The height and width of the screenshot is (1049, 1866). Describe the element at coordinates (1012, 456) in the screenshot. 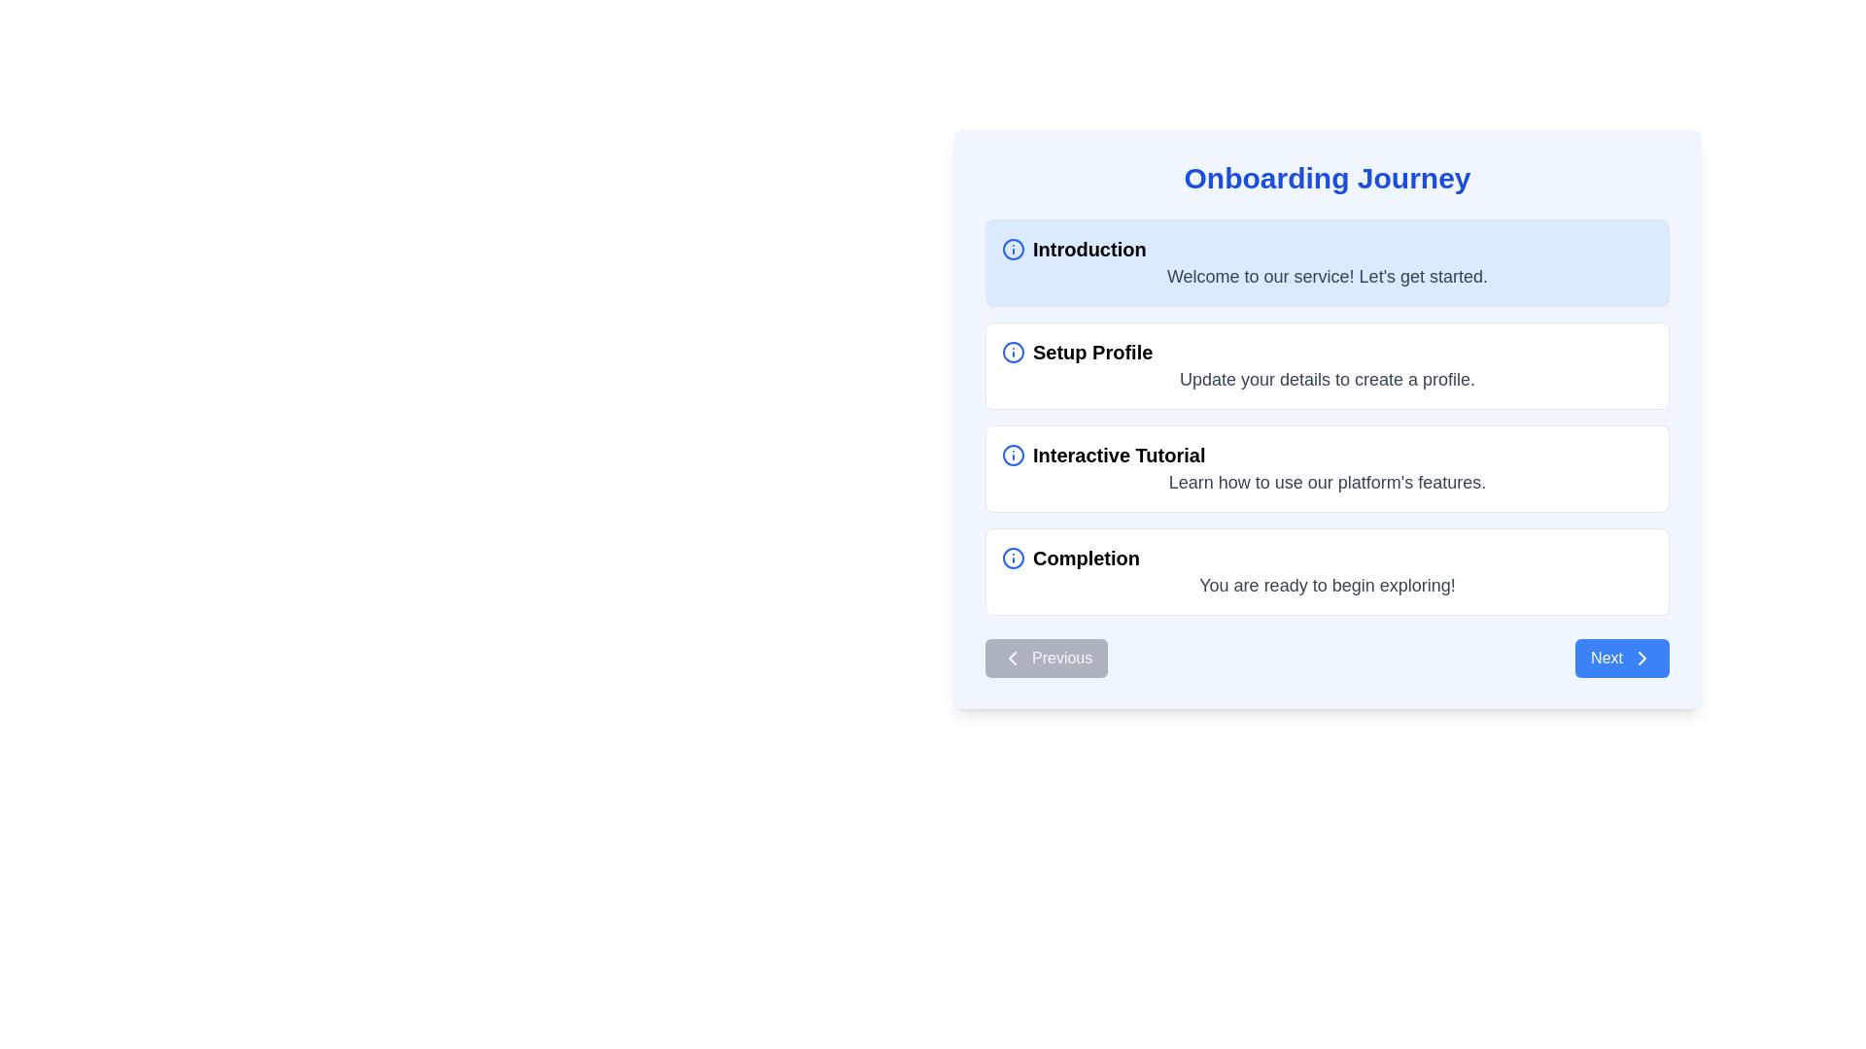

I see `the information marker icon, which is a bold blue circle with a lowercase 'i' in its center, located to the left of the 'Interactive Tutorial' text in the onboarding steps list` at that location.